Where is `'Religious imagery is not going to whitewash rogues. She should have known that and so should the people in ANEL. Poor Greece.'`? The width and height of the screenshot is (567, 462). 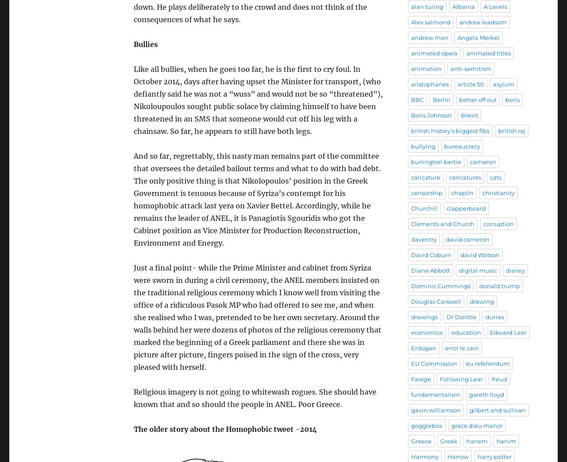
'Religious imagery is not going to whitewash rogues. She should have known that and so should the people in ANEL. Poor Greece.' is located at coordinates (255, 397).